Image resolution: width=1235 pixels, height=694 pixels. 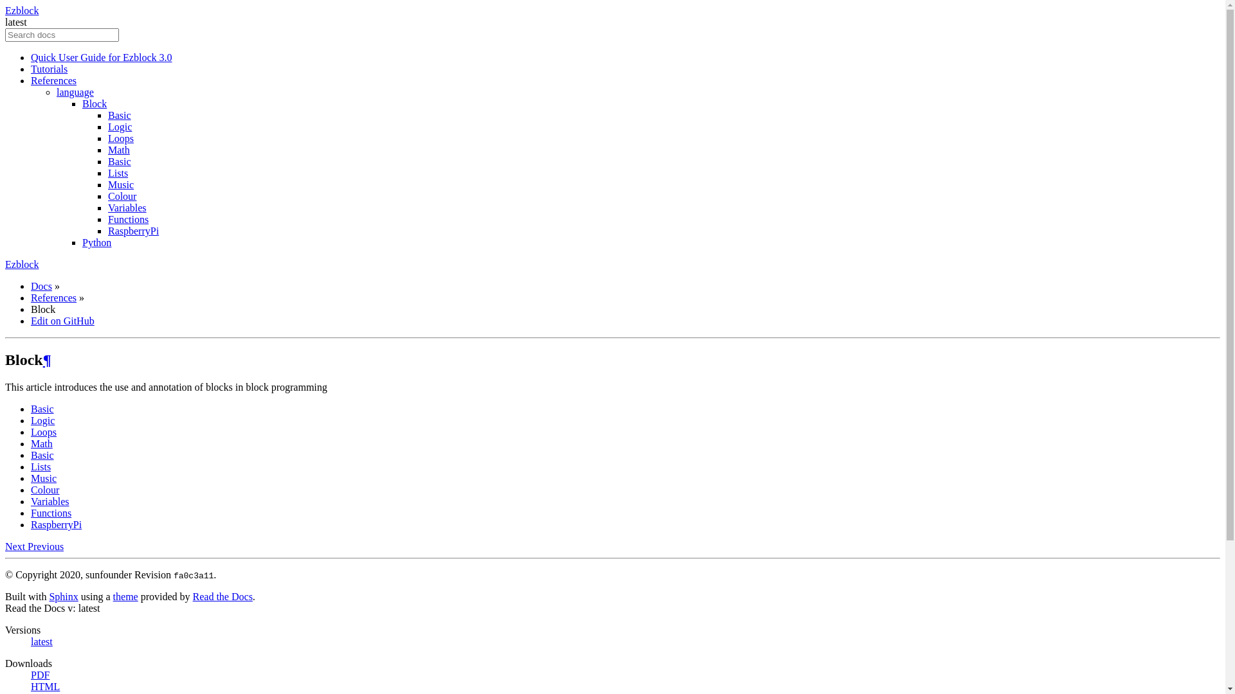 What do you see at coordinates (125, 596) in the screenshot?
I see `'theme'` at bounding box center [125, 596].